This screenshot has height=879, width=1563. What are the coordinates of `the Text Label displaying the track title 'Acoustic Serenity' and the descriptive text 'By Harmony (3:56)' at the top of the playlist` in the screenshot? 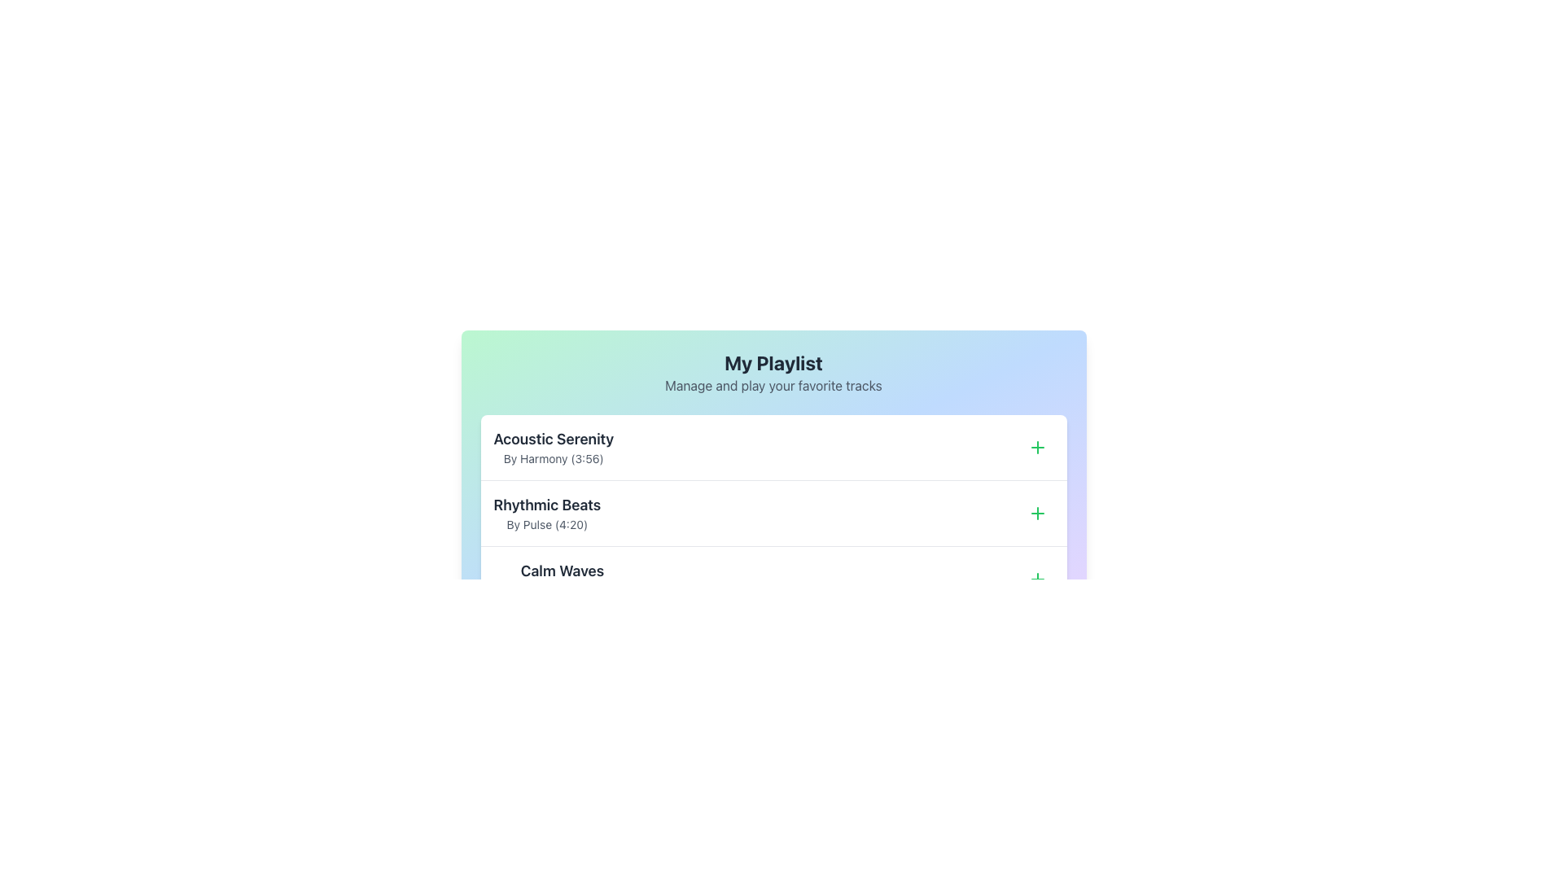 It's located at (554, 448).